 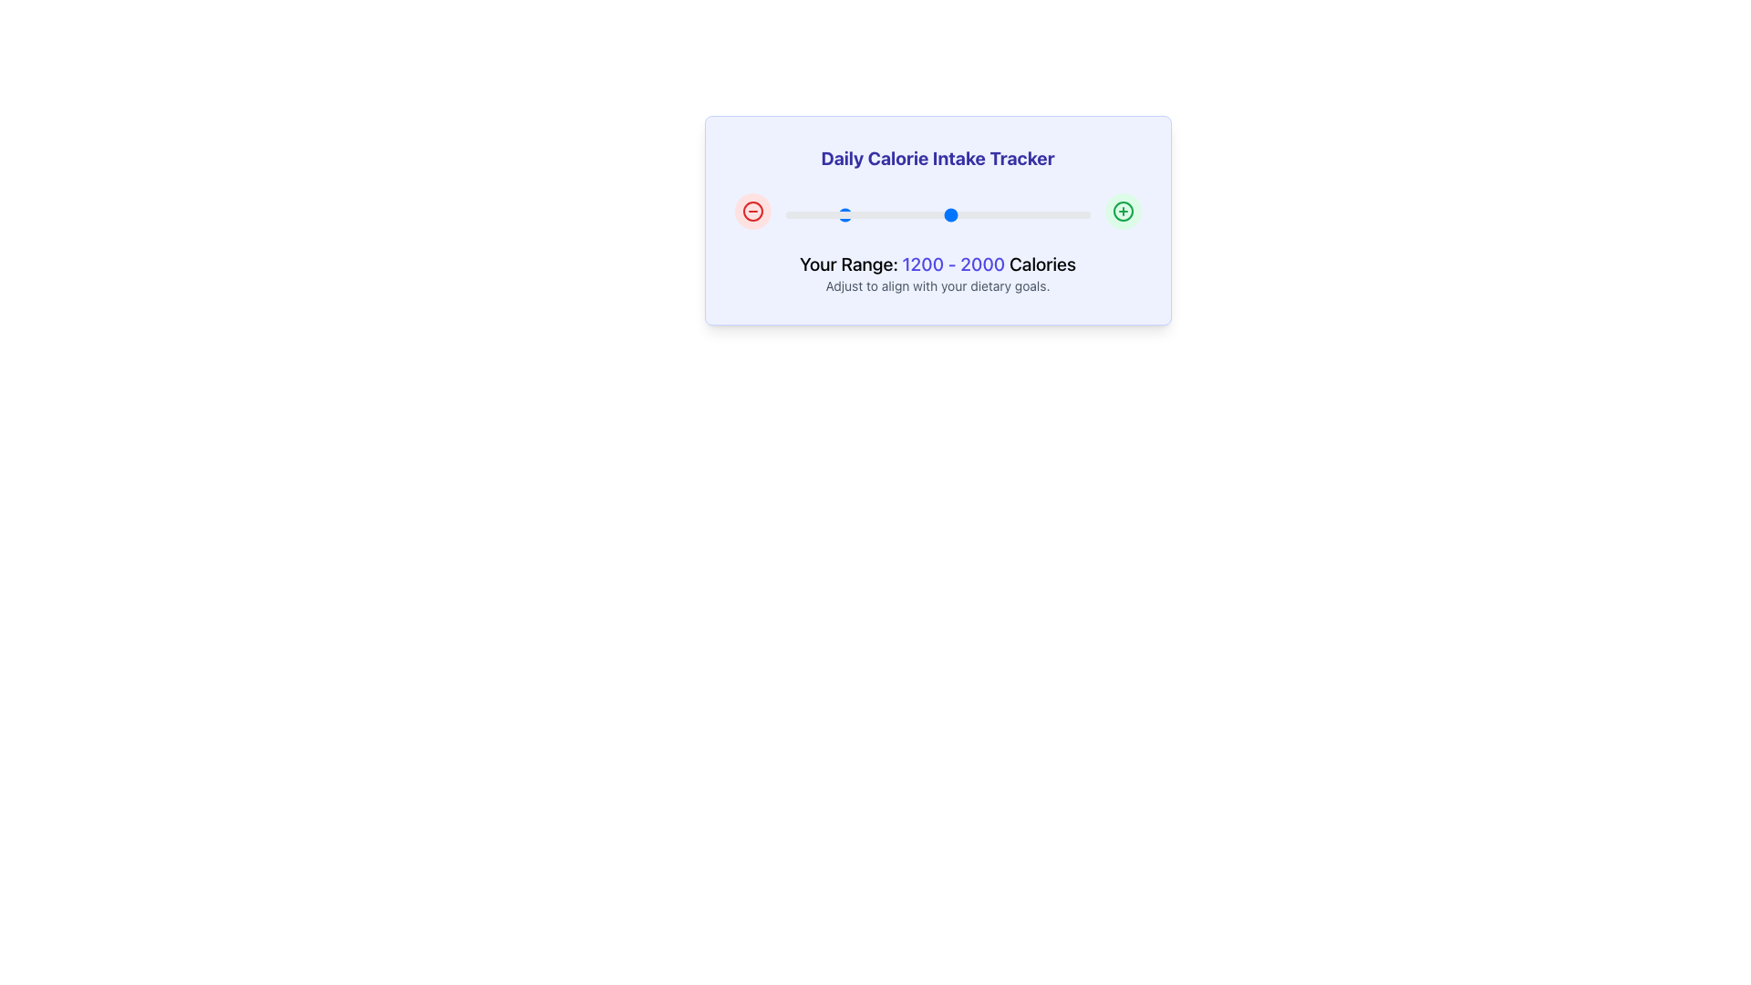 What do you see at coordinates (1122, 210) in the screenshot?
I see `the green circular outline of the SVG Circle icon located in the far-right region of the calorie intake card` at bounding box center [1122, 210].